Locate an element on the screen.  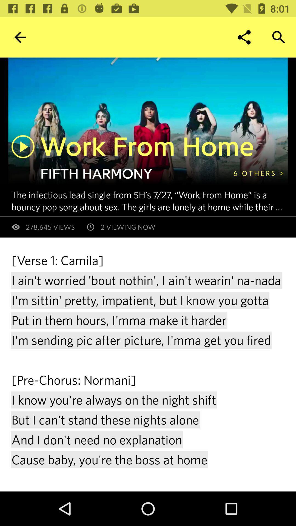
switch play option is located at coordinates (23, 147).